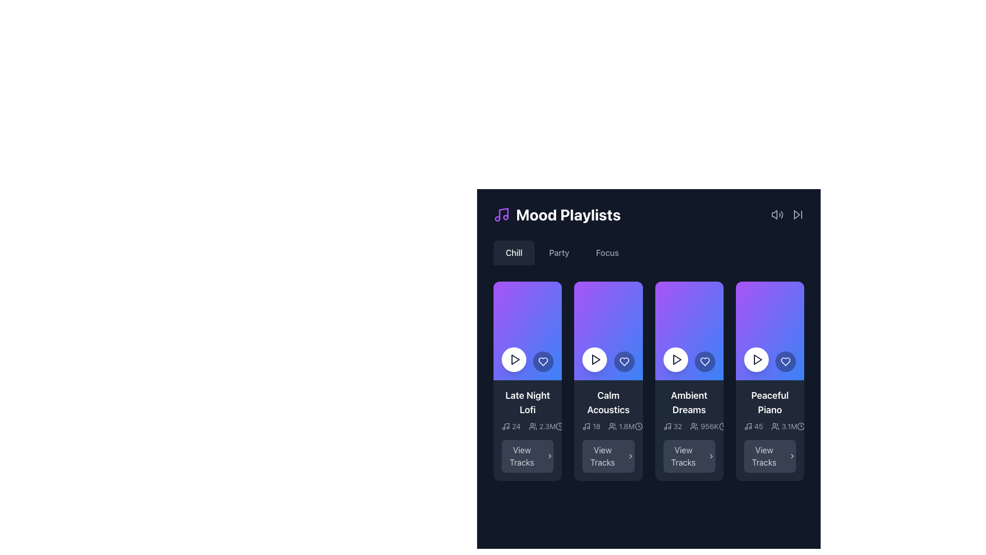 The height and width of the screenshot is (555, 986). I want to click on the heart-shaped icon button located in the bottom-right corner of the 'Late Night Lofi' card, so click(543, 361).